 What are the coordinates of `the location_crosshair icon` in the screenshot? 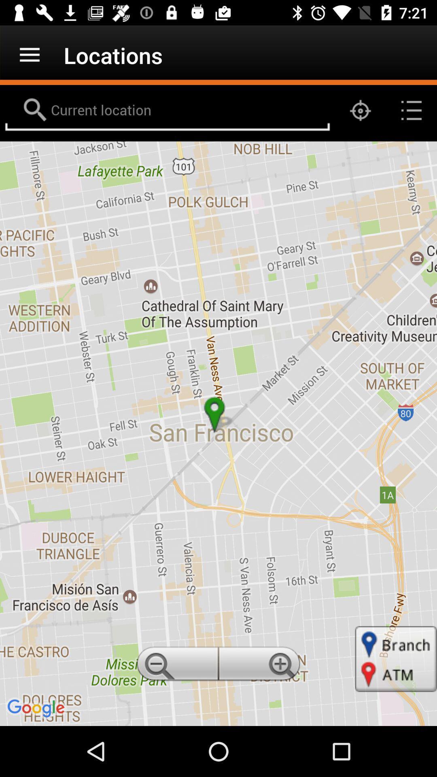 It's located at (360, 110).